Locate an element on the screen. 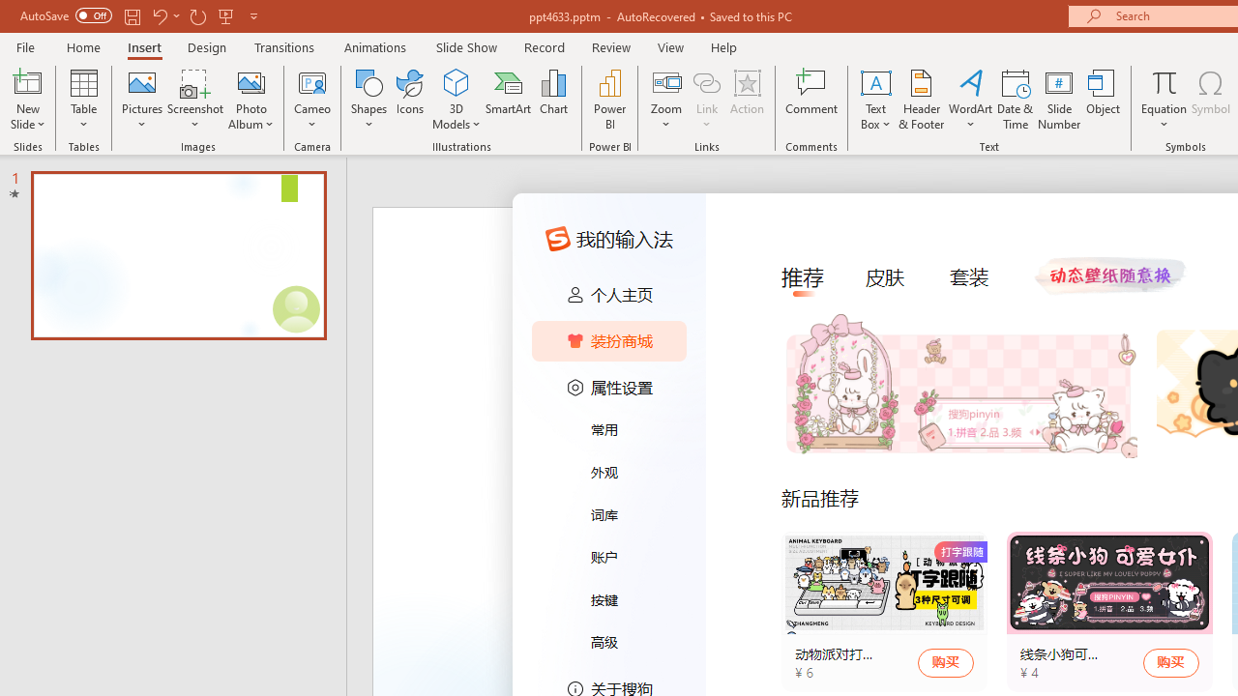 This screenshot has width=1238, height=696. 'Date & Time...' is located at coordinates (1015, 100).